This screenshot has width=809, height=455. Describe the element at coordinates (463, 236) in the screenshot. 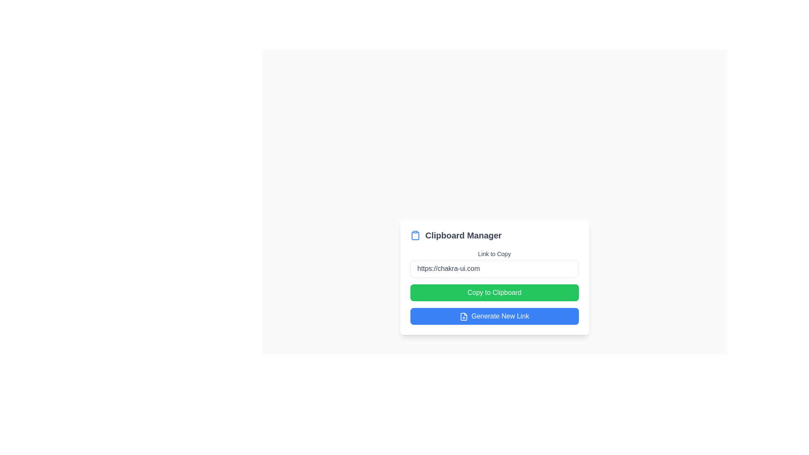

I see `text label titled 'Clipboard Manager', which is styled in bold and dark gray, positioned to the right of a blue clipboard icon` at that location.